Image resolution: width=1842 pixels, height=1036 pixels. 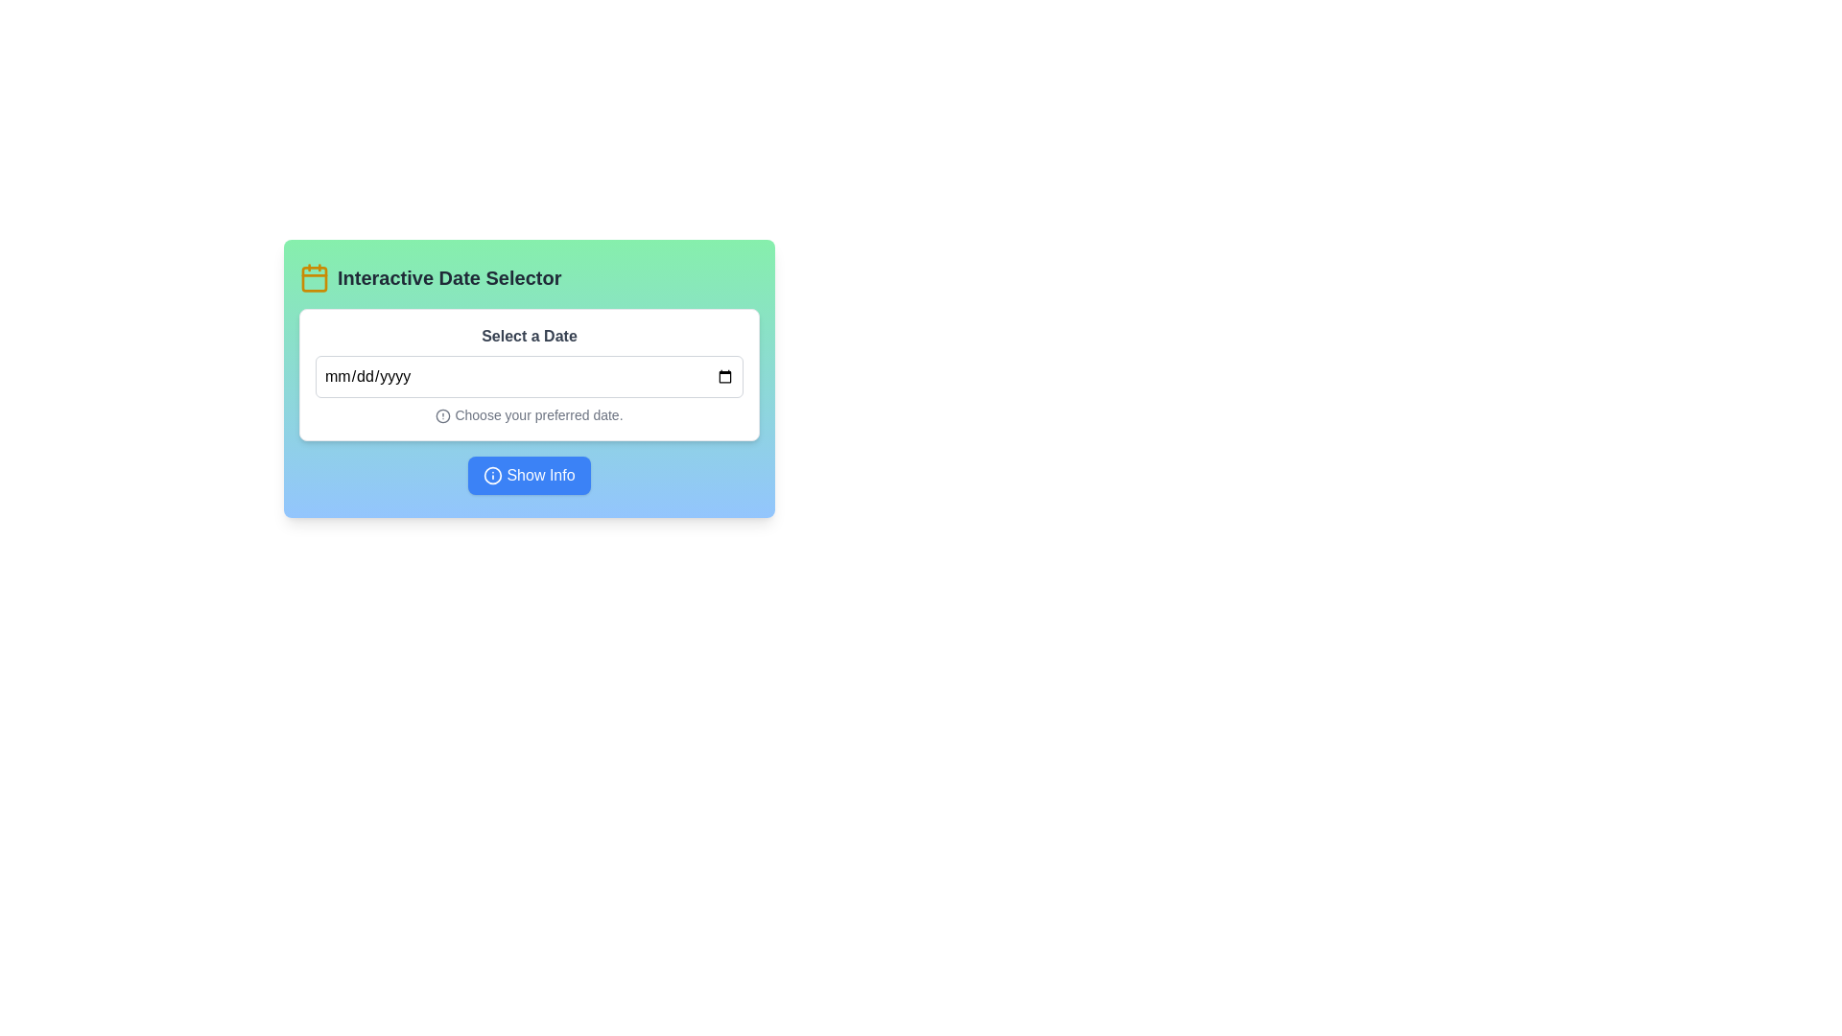 I want to click on the 'Interactive Date Selector' text with the yellow calendar icon, so click(x=530, y=277).